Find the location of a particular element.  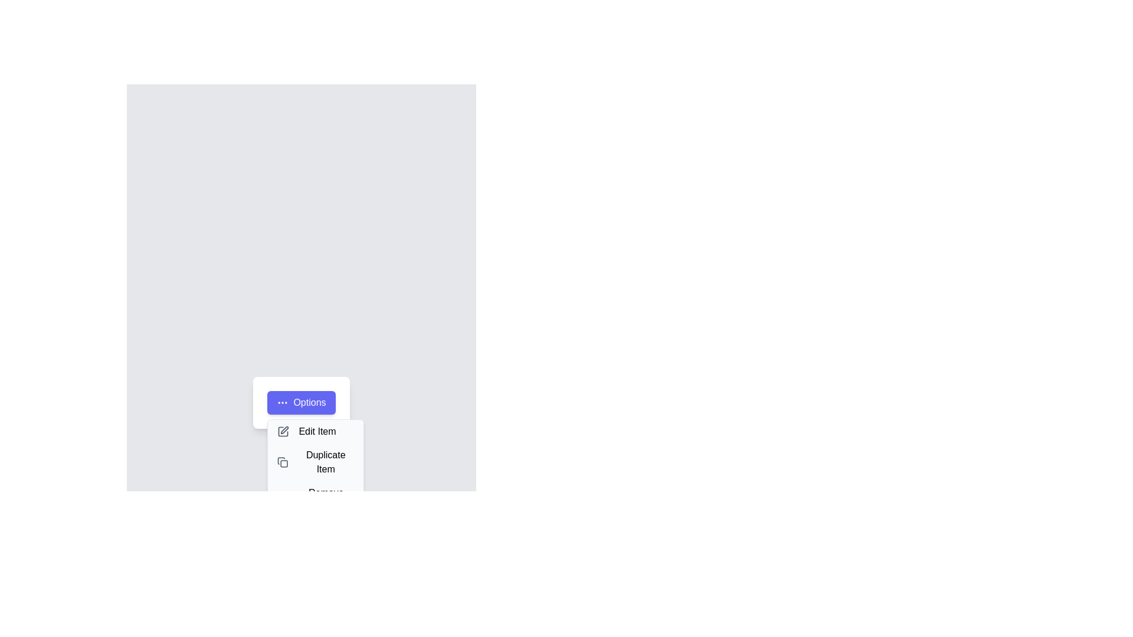

the menu option Edit Item is located at coordinates (315, 432).